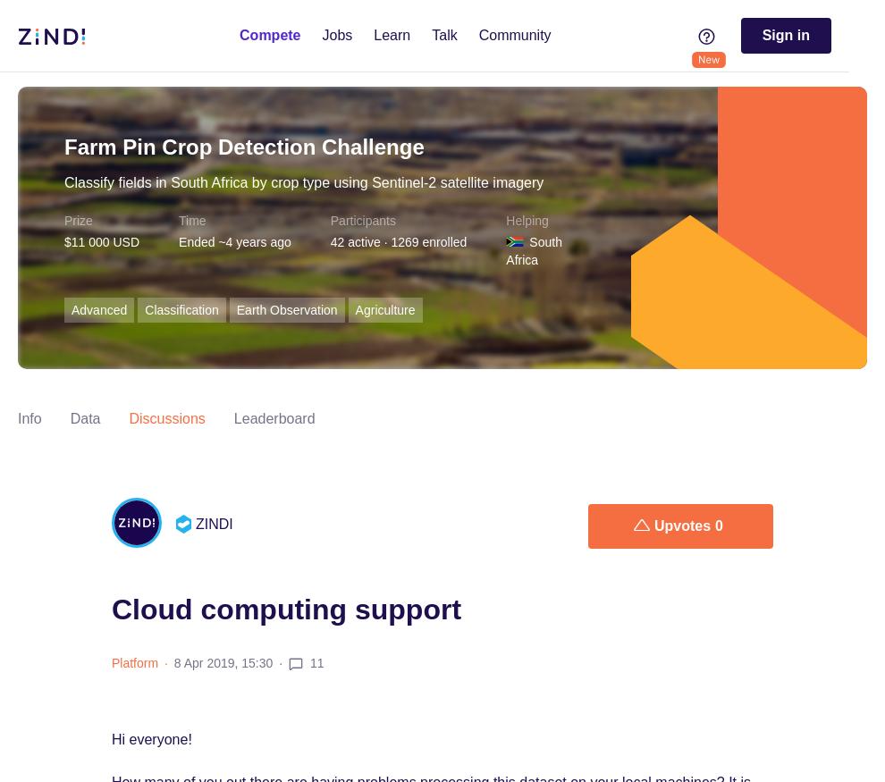 This screenshot has width=885, height=782. What do you see at coordinates (28, 418) in the screenshot?
I see `'Info'` at bounding box center [28, 418].